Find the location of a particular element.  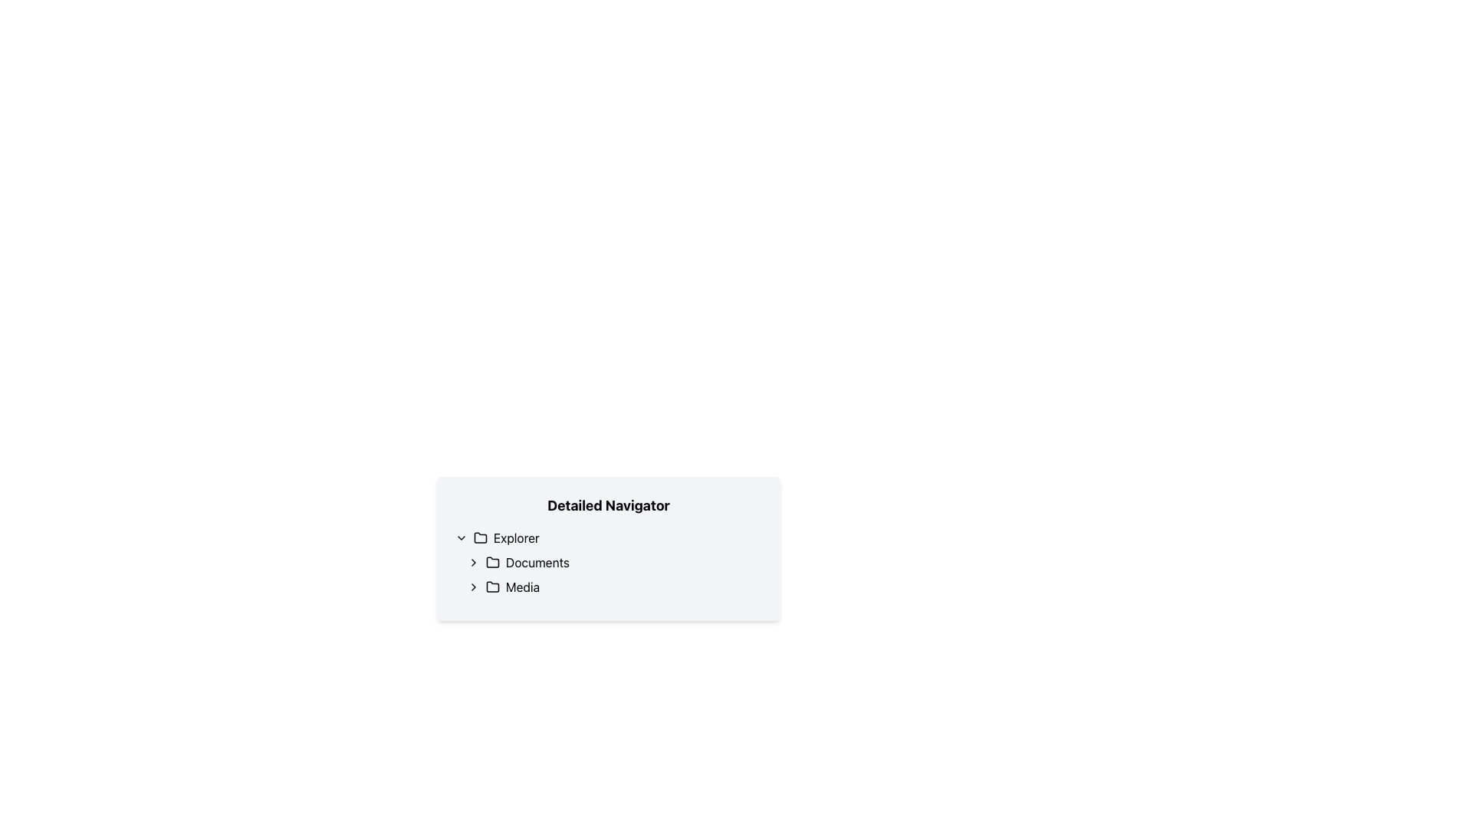

the 'Documents' entry in the file explorer navigation element is located at coordinates (614, 574).